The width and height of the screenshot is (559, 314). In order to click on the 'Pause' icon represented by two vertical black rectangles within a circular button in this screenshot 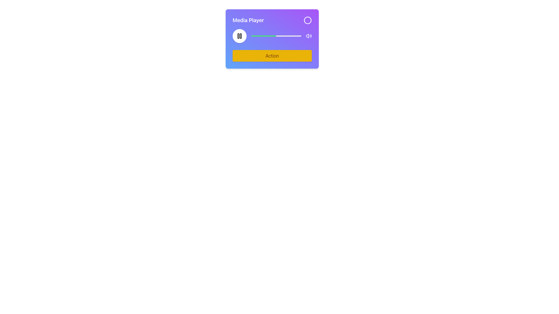, I will do `click(239, 36)`.